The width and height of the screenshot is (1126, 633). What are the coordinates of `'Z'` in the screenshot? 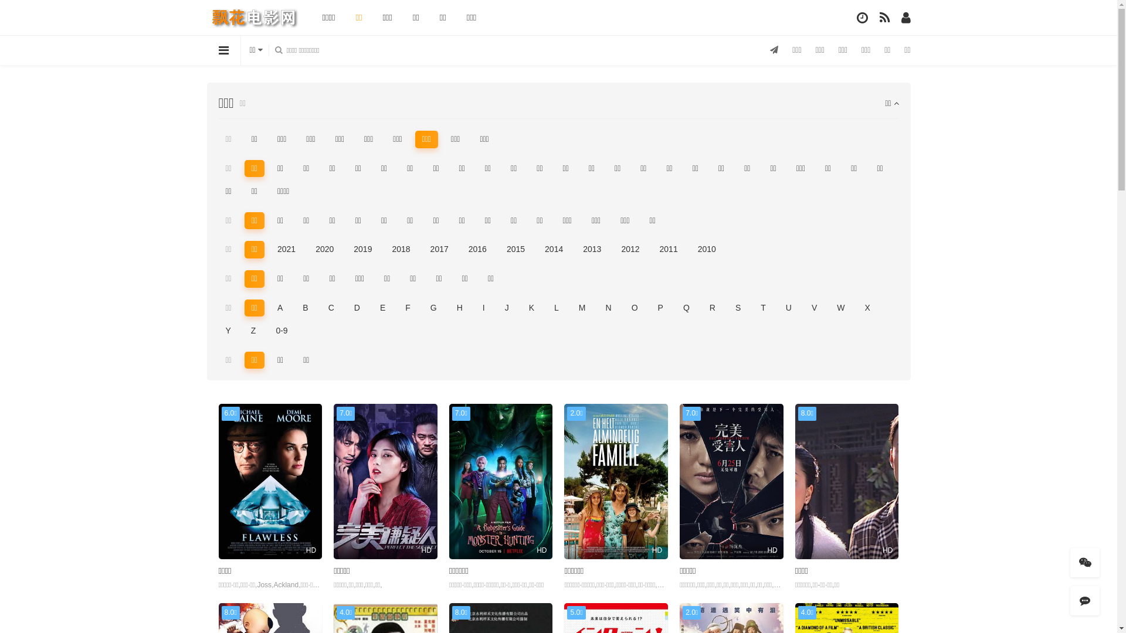 It's located at (253, 331).